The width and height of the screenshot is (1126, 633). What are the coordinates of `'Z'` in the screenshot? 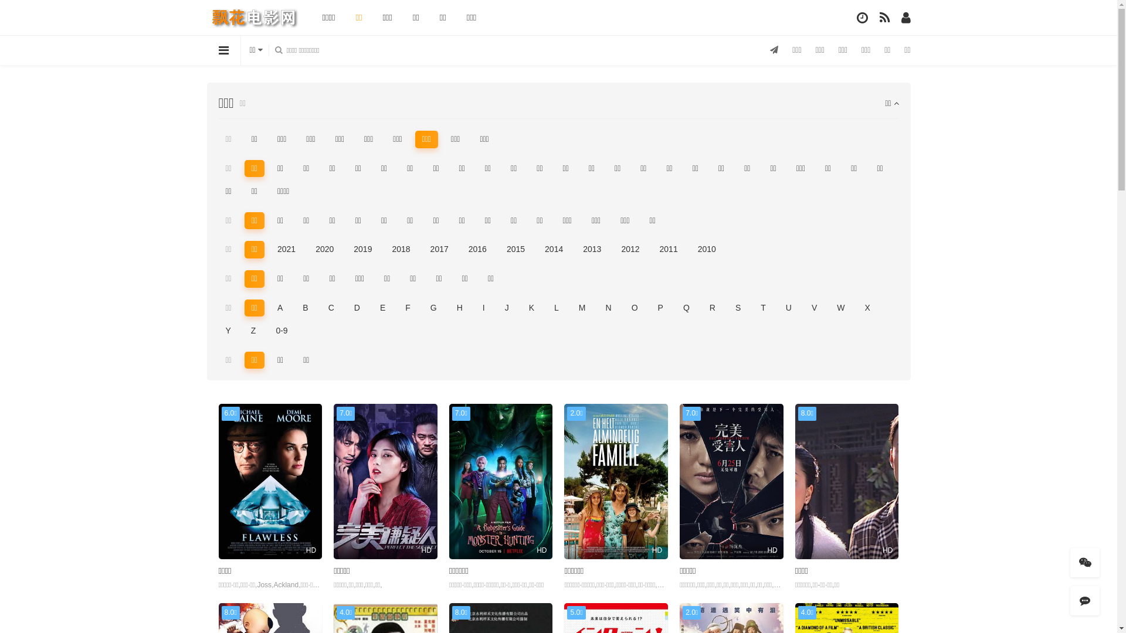 It's located at (253, 331).